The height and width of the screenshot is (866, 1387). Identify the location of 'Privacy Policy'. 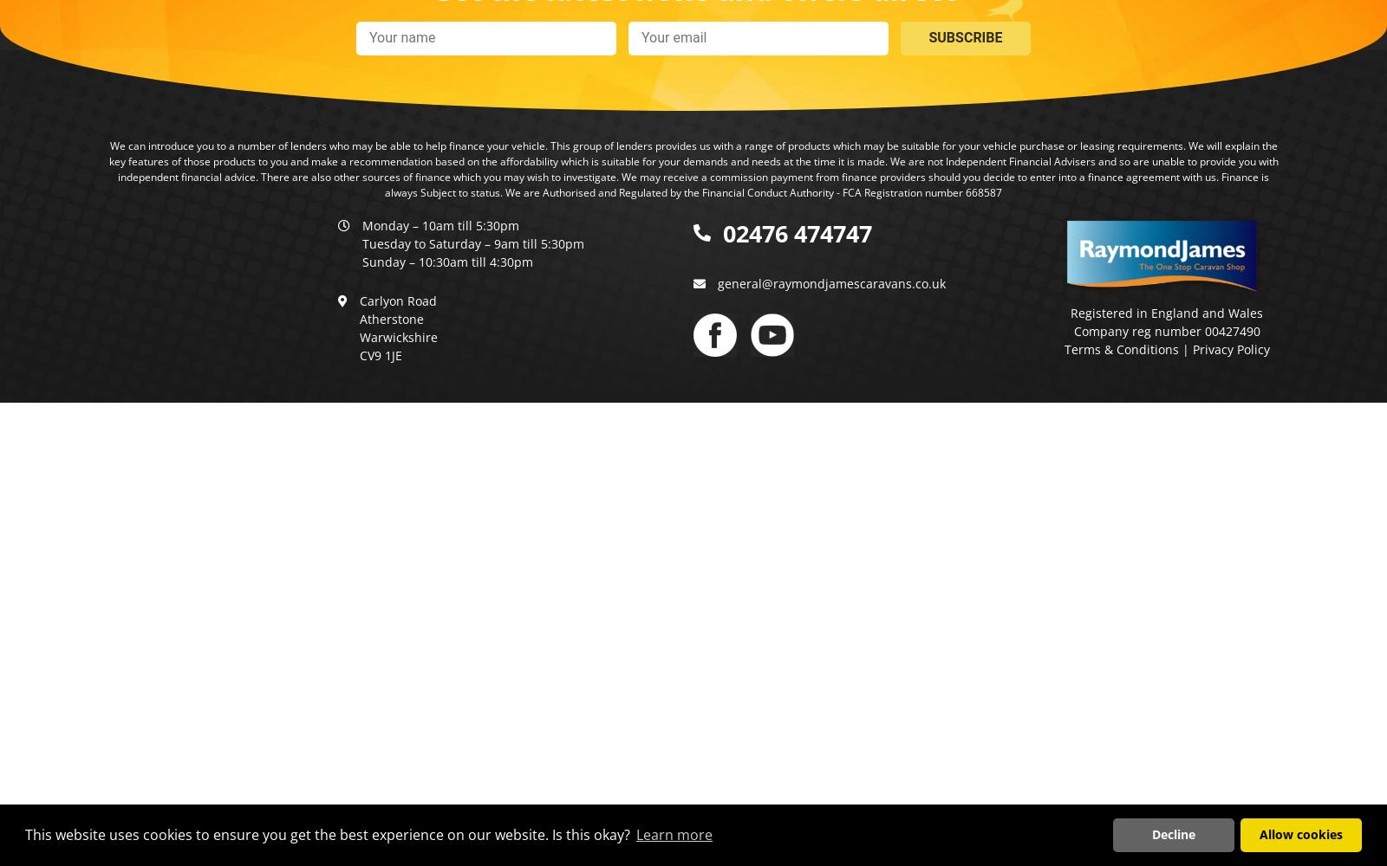
(1191, 348).